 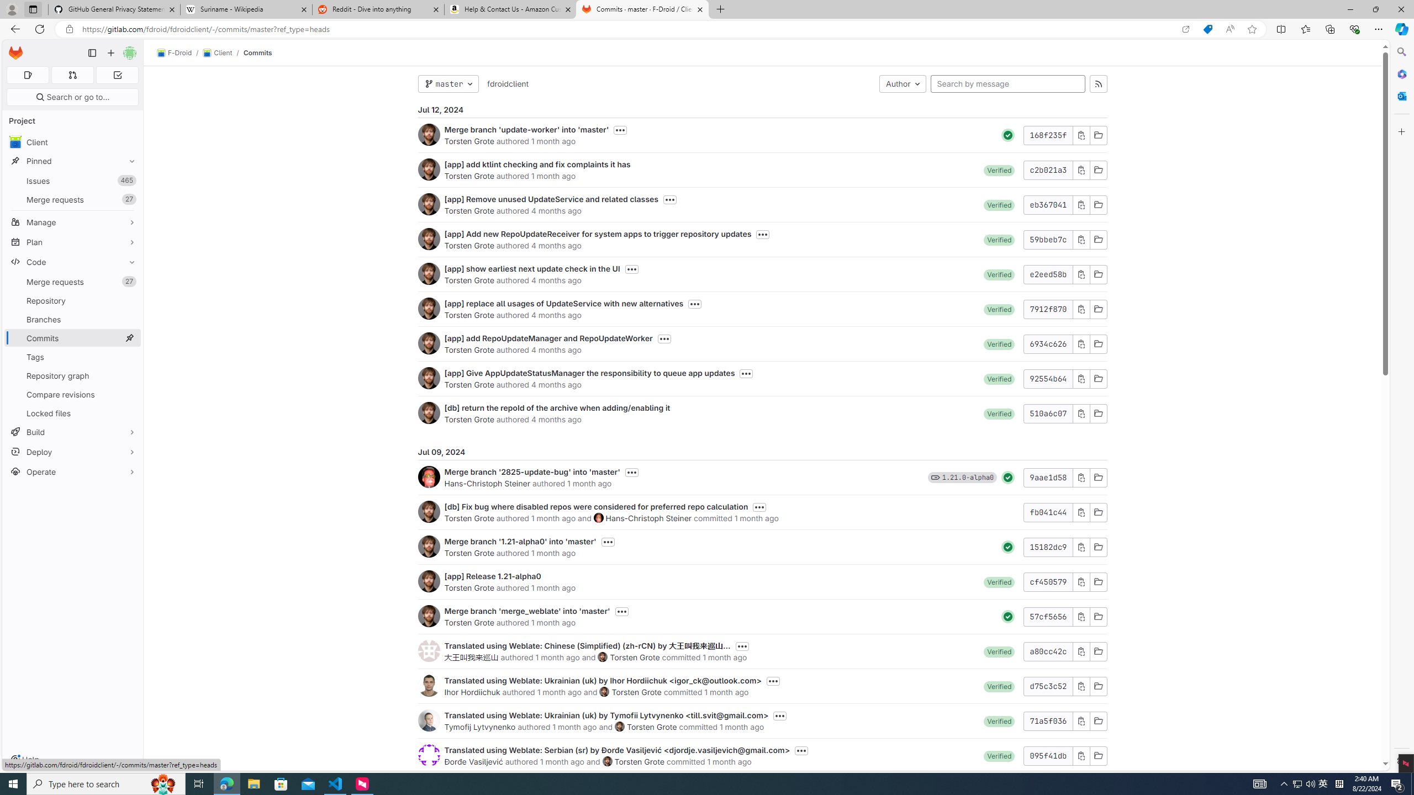 I want to click on 'Compare revisions', so click(x=72, y=394).